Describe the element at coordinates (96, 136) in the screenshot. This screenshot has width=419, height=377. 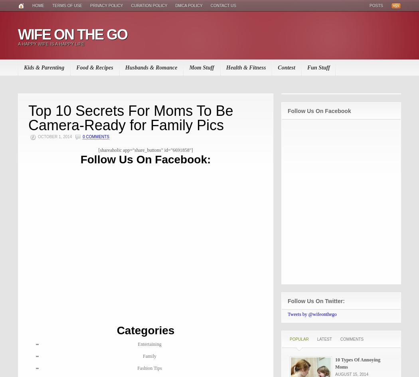
I see `'0 Comments'` at that location.